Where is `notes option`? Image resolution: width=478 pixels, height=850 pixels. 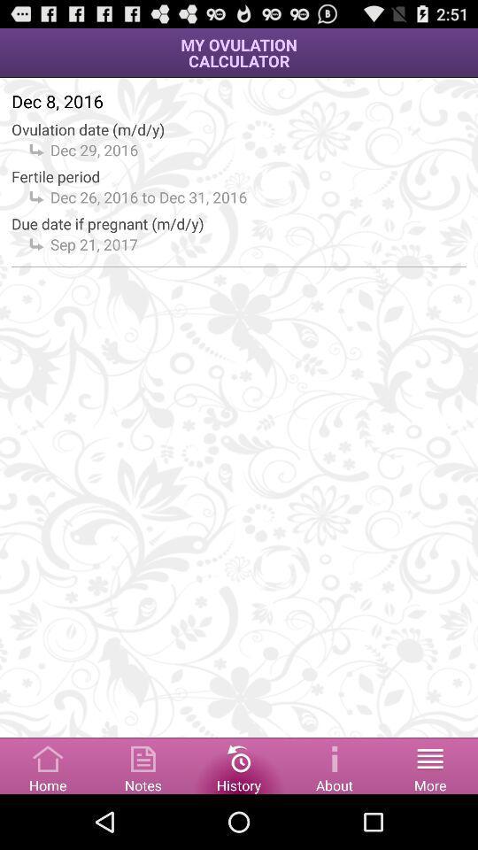
notes option is located at coordinates (143, 764).